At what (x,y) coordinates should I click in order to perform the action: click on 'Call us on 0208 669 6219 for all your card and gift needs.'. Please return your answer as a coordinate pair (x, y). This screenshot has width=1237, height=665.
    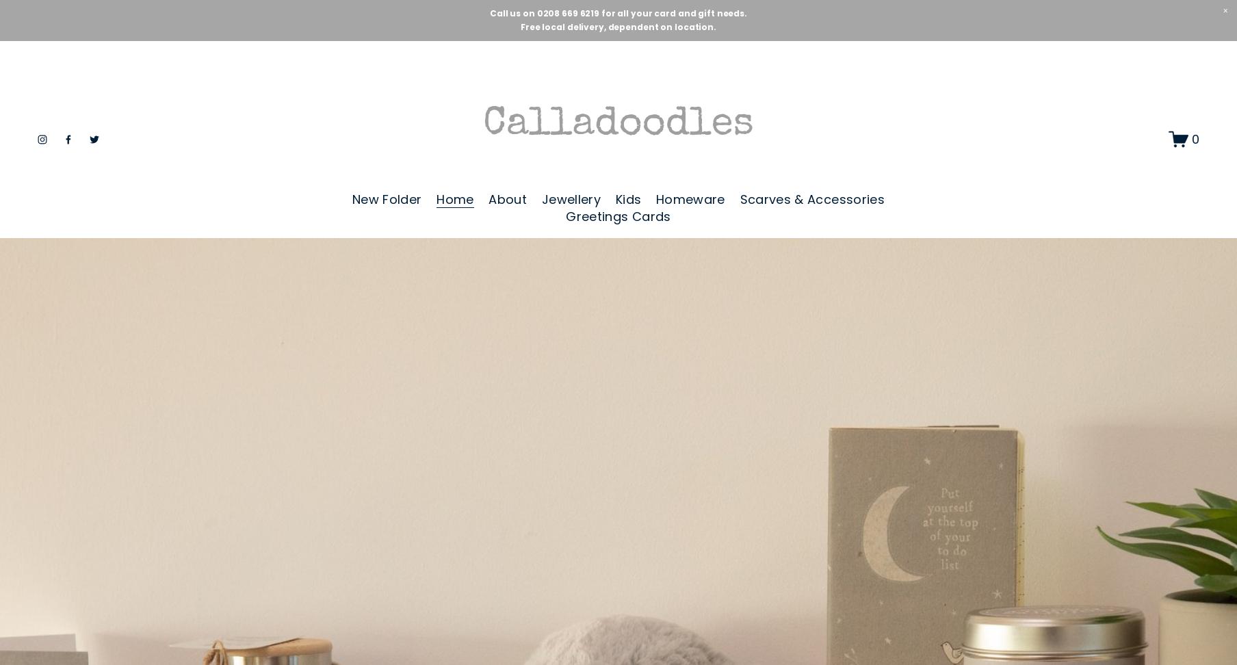
    Looking at the image, I should click on (617, 12).